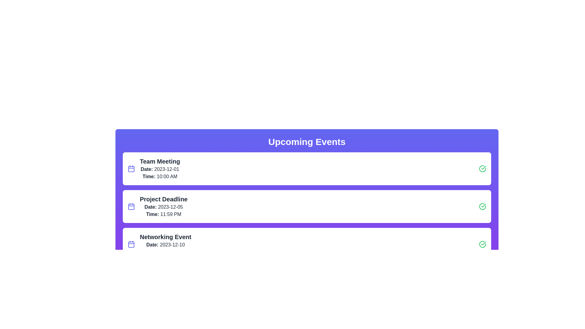  Describe the element at coordinates (160, 169) in the screenshot. I see `the text label displaying 'Date: 2023-12-01'` at that location.